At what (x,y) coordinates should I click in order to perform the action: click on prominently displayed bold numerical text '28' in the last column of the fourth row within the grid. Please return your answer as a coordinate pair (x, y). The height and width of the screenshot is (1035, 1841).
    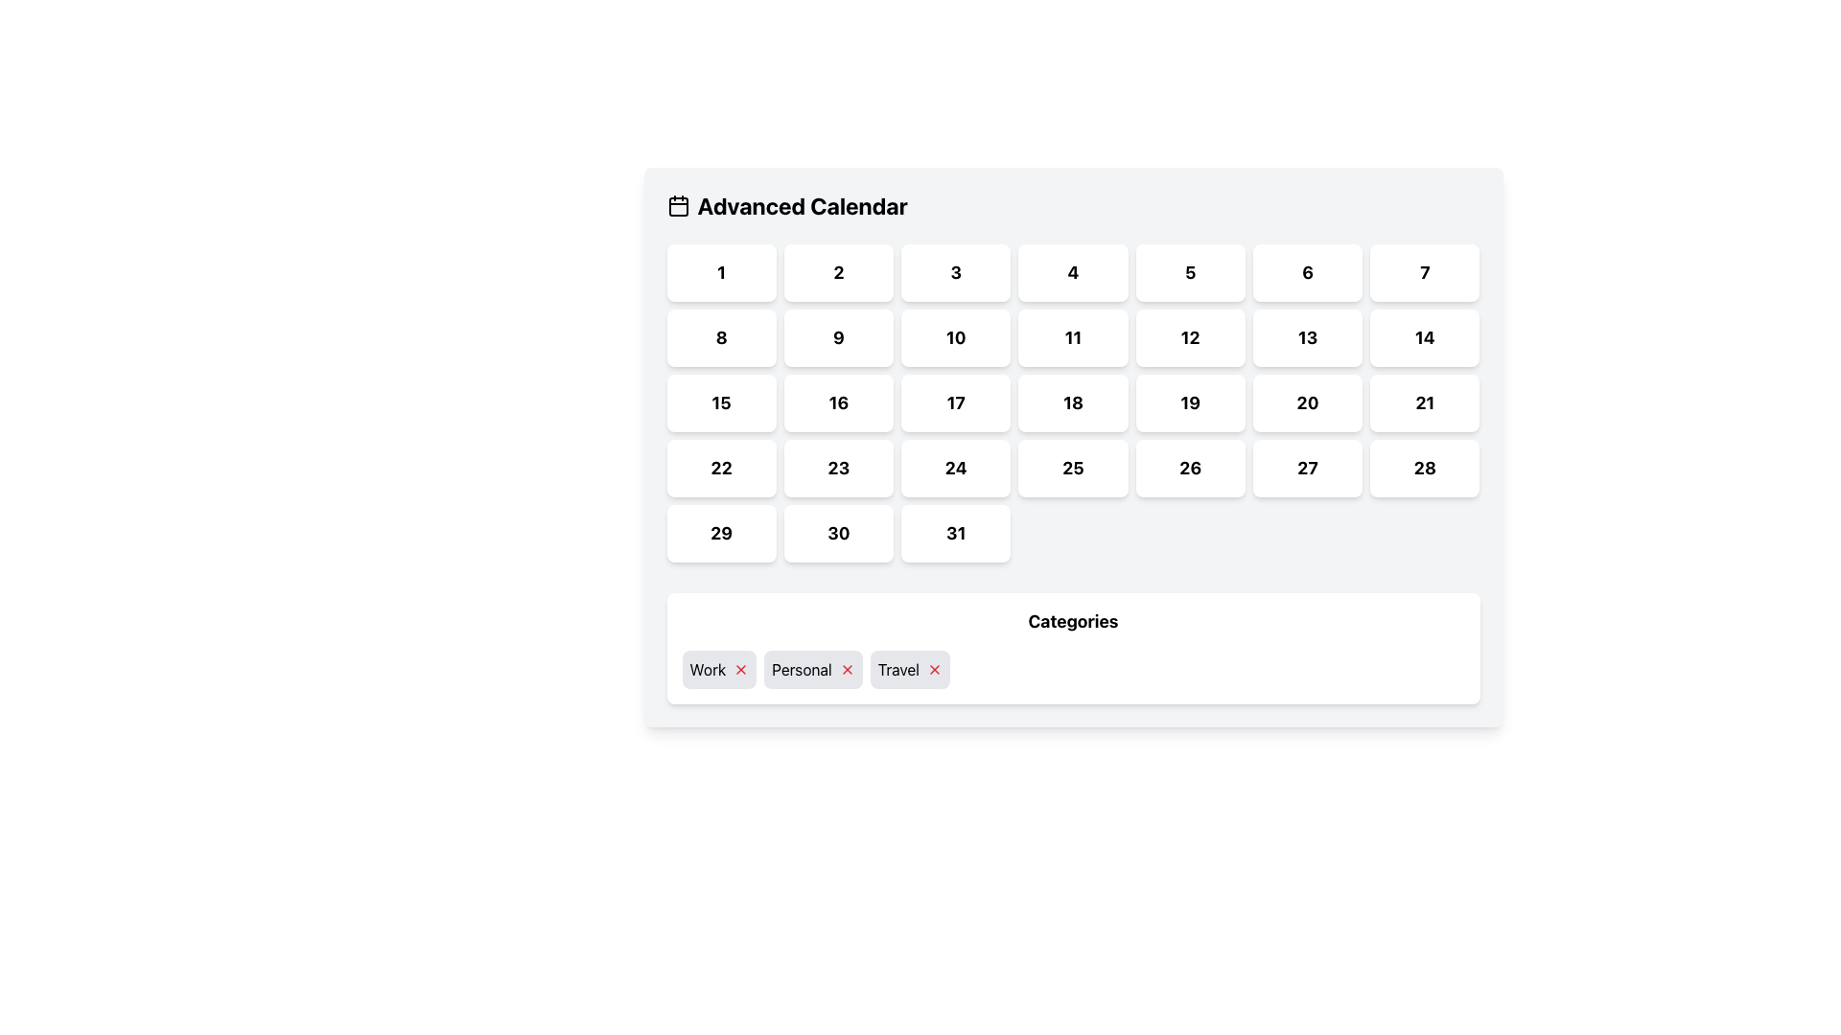
    Looking at the image, I should click on (1425, 468).